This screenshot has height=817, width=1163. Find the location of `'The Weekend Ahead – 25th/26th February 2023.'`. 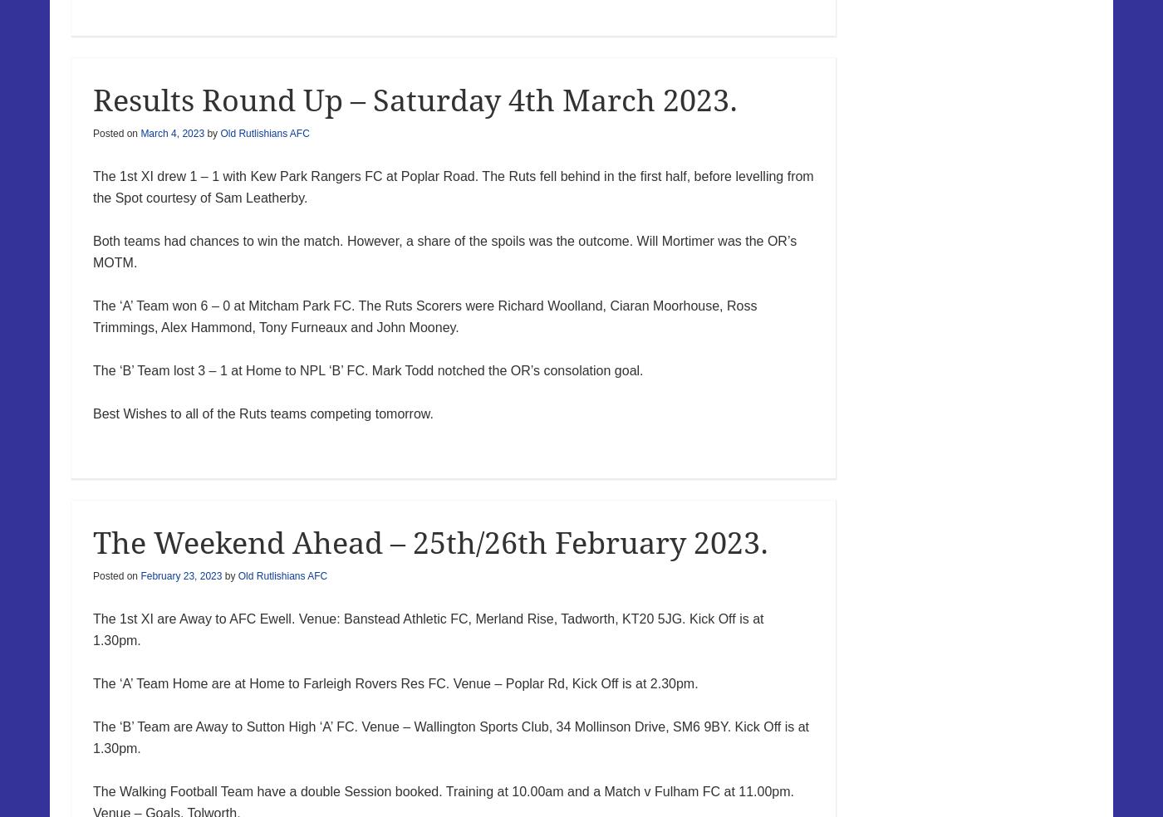

'The Weekend Ahead – 25th/26th February 2023.' is located at coordinates (430, 542).